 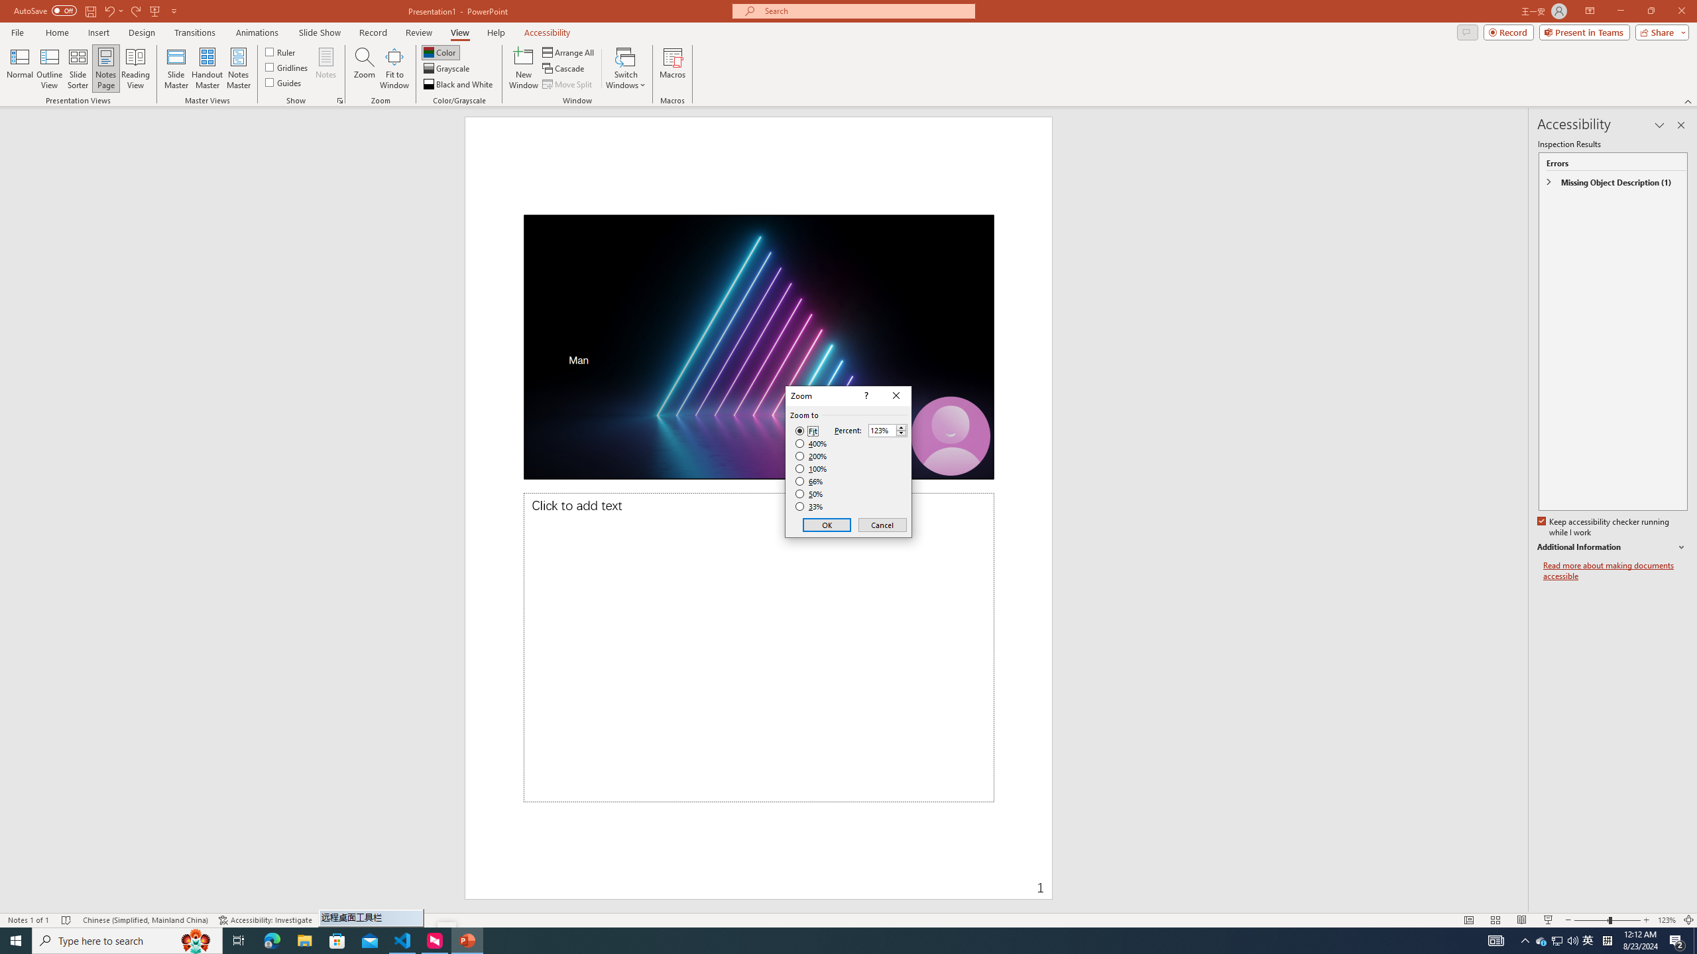 What do you see at coordinates (440, 52) in the screenshot?
I see `'Color'` at bounding box center [440, 52].